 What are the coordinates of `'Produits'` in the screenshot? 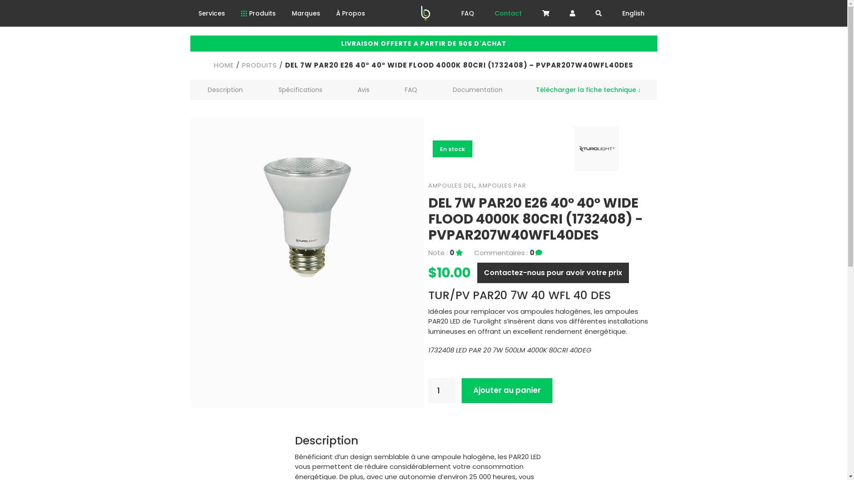 It's located at (258, 13).